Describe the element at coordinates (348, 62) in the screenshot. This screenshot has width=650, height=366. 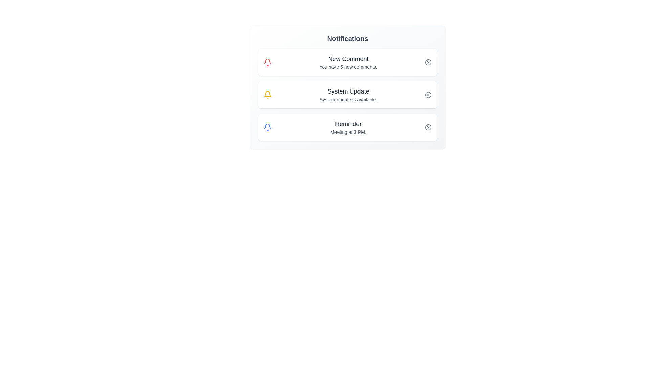
I see `notification text from the text block that displays 'New Comment' and 'You have 5 new comments.' located in the first notification box from the top` at that location.